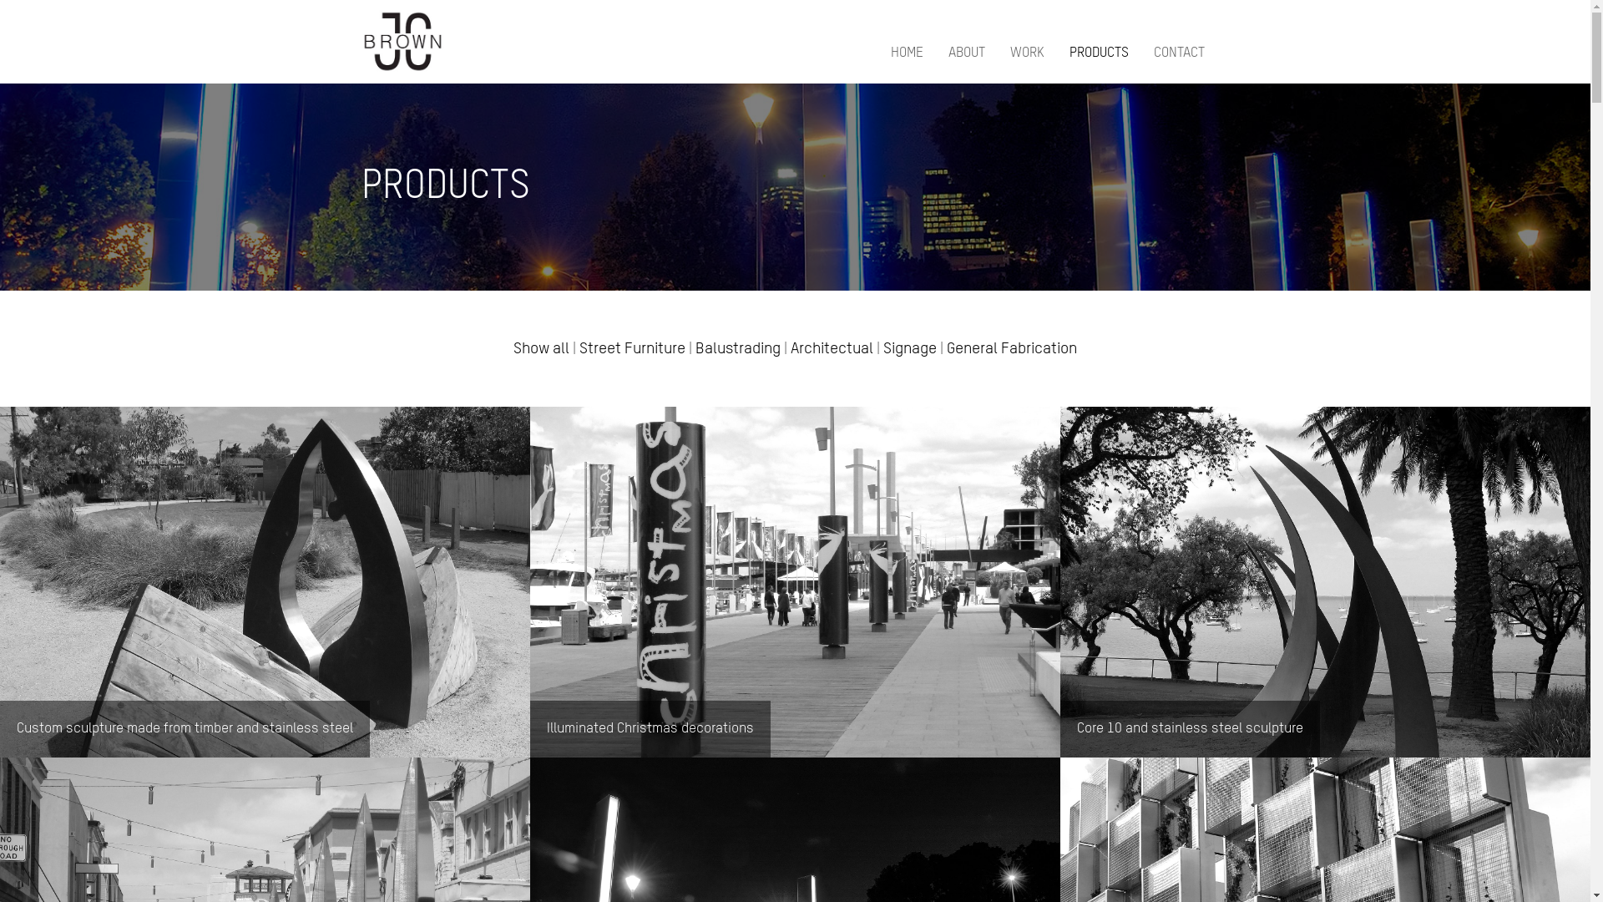  I want to click on 'Balustrading', so click(736, 347).